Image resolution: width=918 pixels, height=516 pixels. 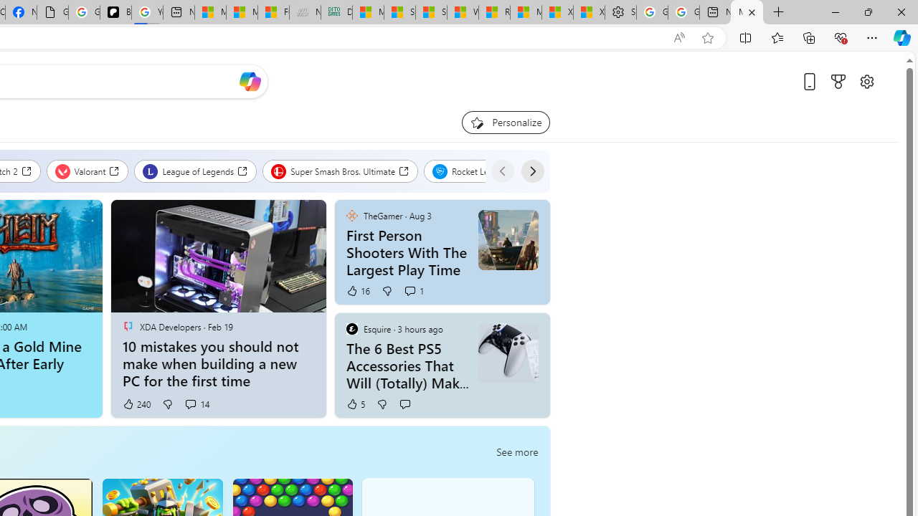 What do you see at coordinates (430, 12) in the screenshot?
I see `'Stocks - MSN'` at bounding box center [430, 12].